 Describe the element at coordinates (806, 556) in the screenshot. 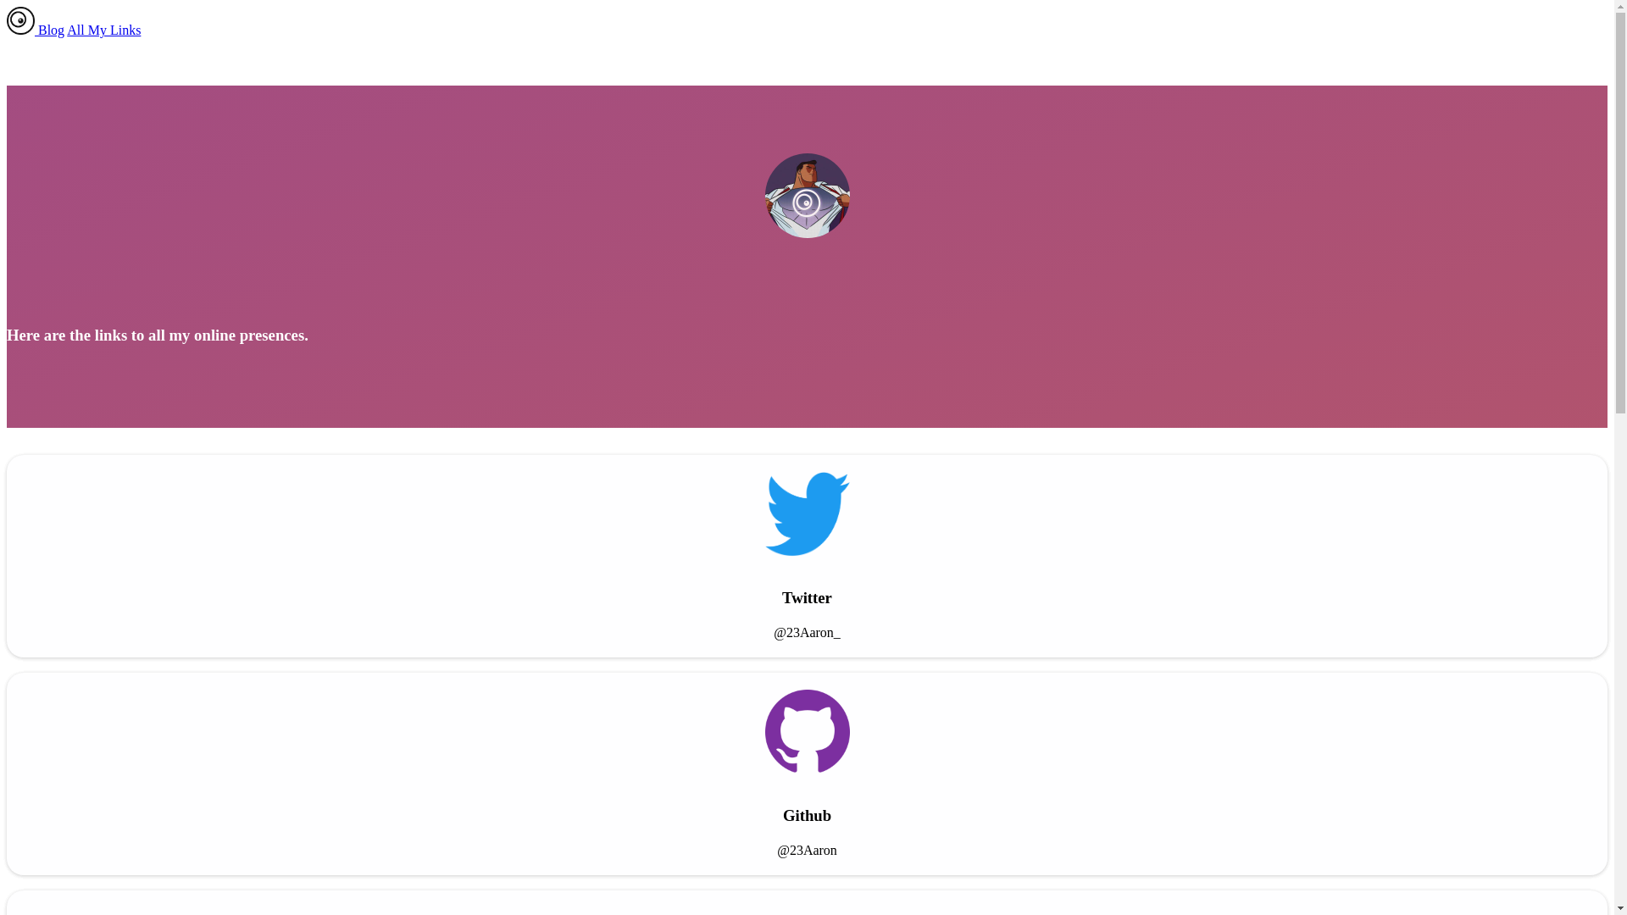

I see `'Twitter` at that location.